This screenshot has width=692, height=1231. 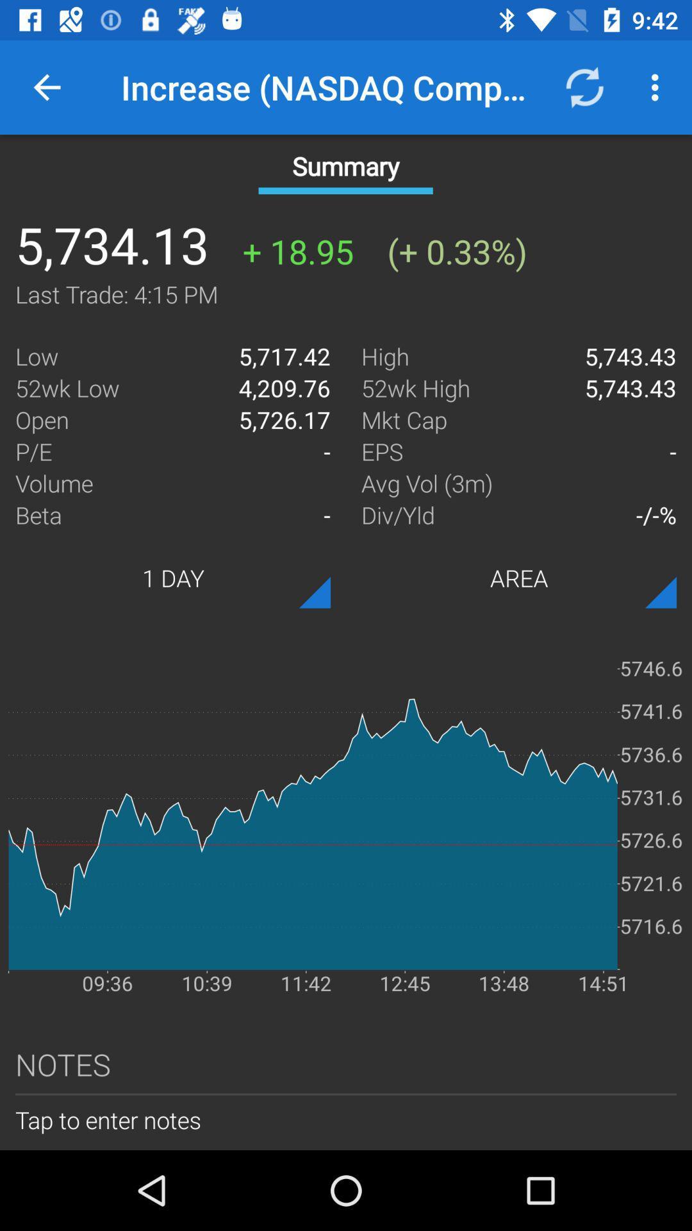 I want to click on item next to increase (nasdaq composite) item, so click(x=584, y=87).